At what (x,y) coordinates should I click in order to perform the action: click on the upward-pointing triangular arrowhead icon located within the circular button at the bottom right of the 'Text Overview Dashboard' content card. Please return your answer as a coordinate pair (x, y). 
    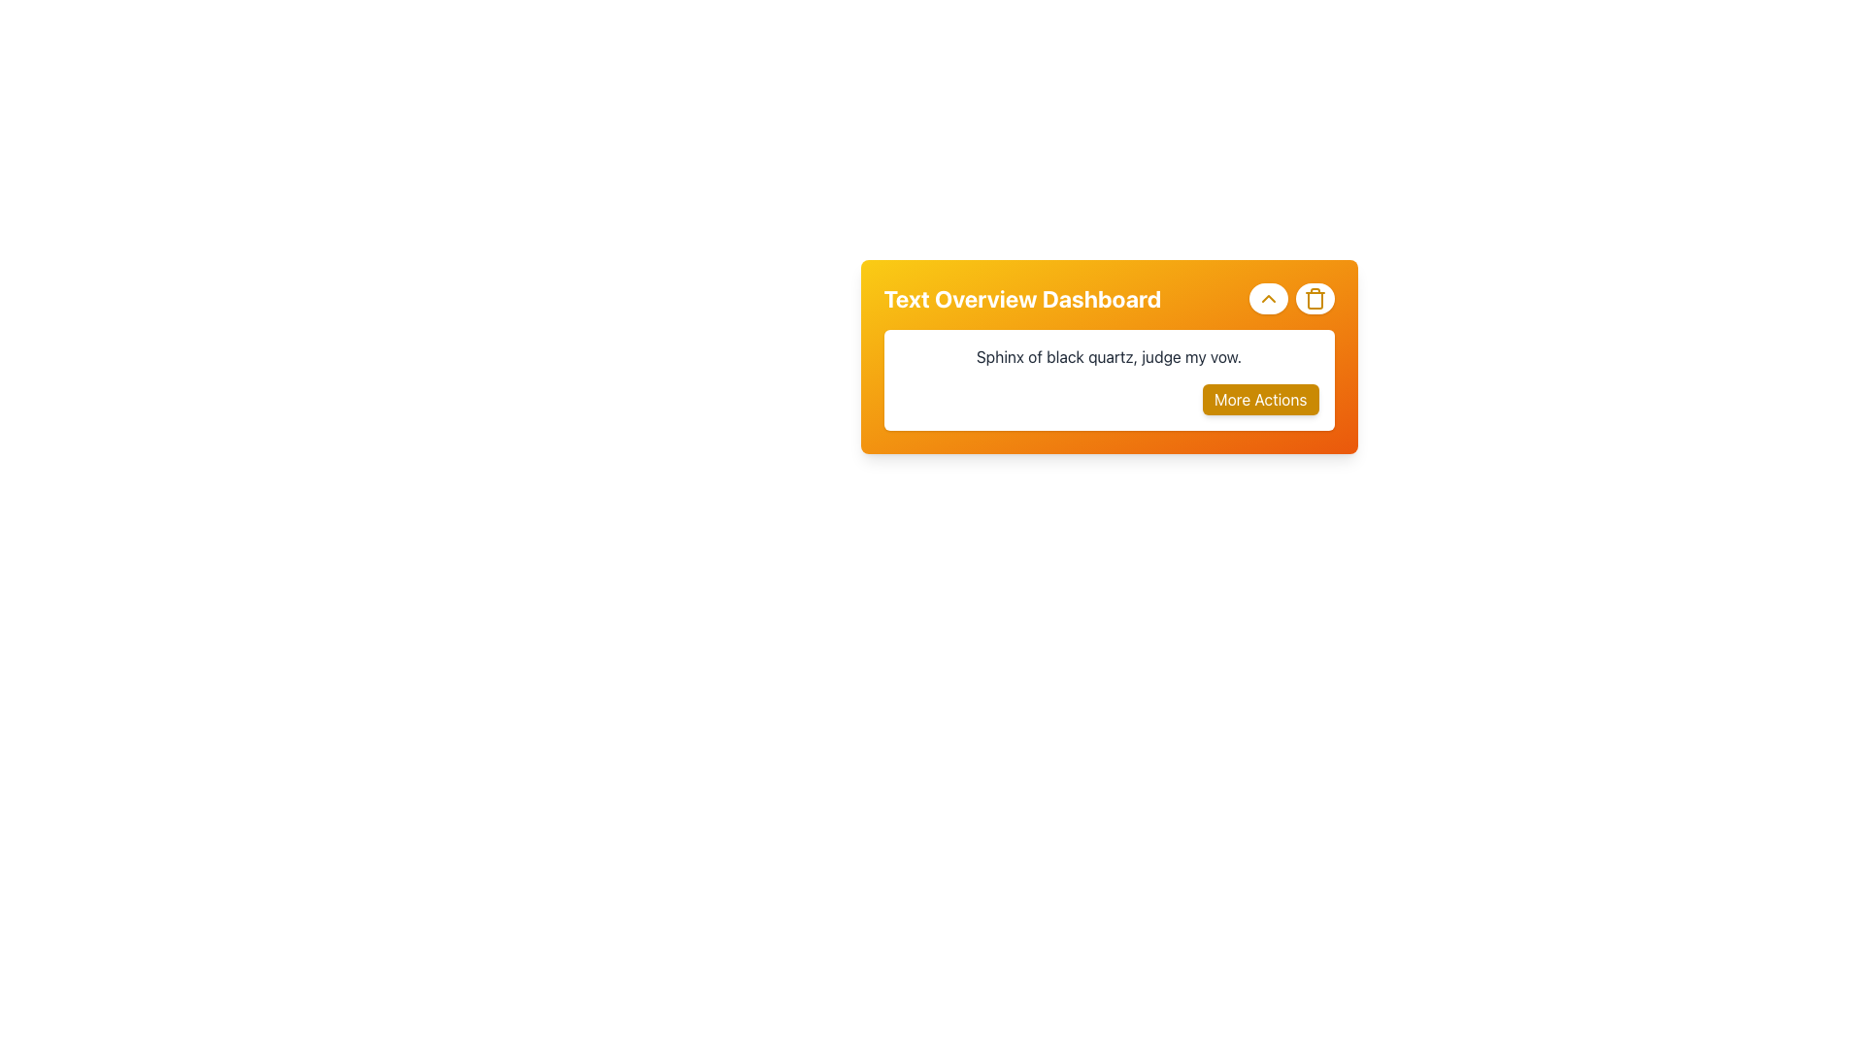
    Looking at the image, I should click on (1268, 299).